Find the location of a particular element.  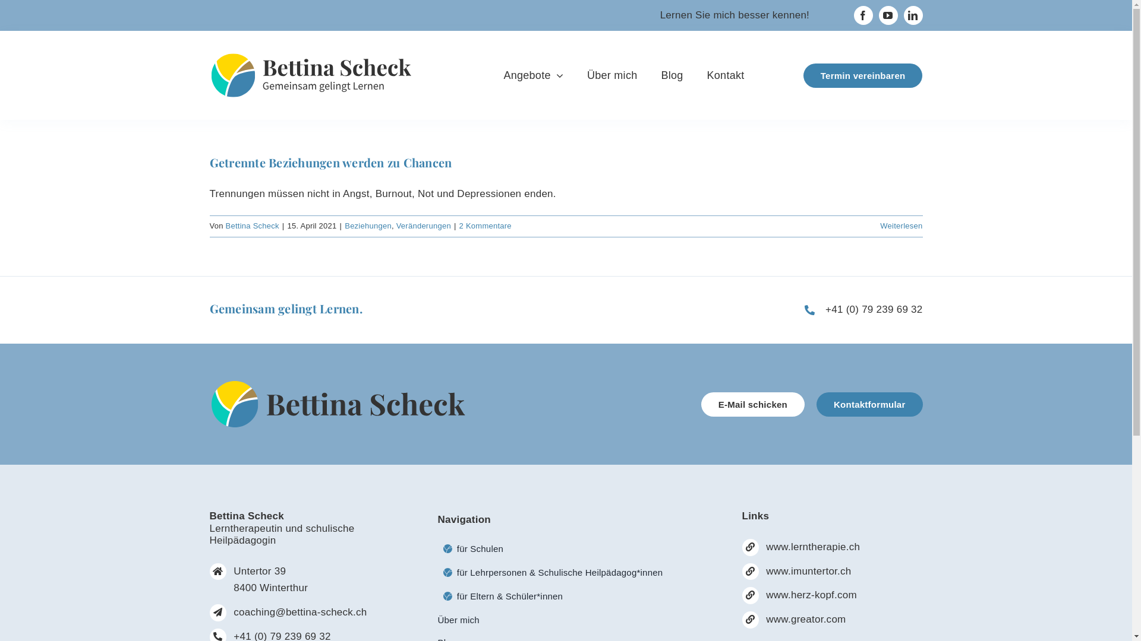

'Weiterlesen' is located at coordinates (901, 226).